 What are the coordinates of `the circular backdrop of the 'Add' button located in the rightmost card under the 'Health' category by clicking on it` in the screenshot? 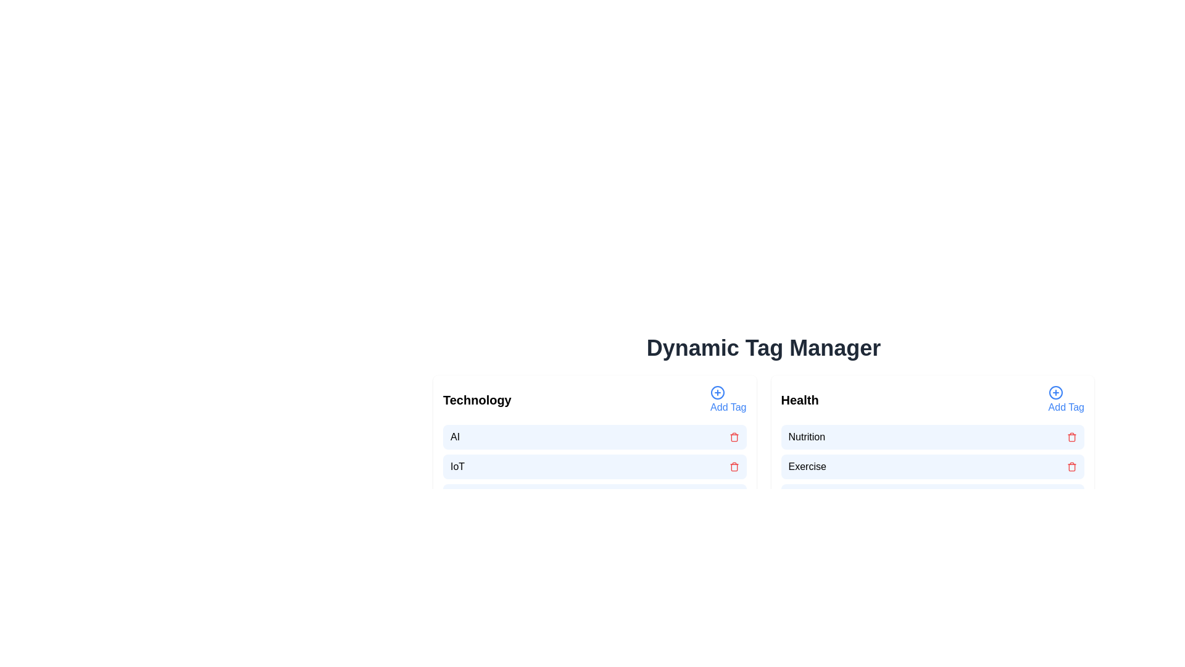 It's located at (1055, 393).